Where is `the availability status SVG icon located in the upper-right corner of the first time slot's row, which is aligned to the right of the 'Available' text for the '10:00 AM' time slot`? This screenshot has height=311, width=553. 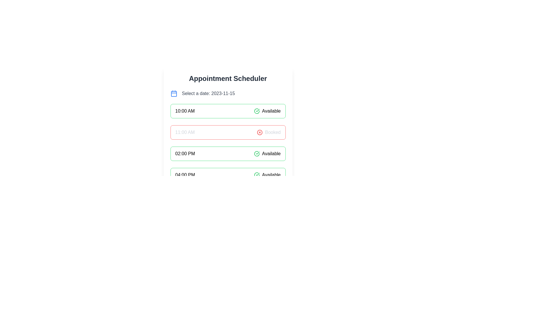 the availability status SVG icon located in the upper-right corner of the first time slot's row, which is aligned to the right of the 'Available' text for the '10:00 AM' time slot is located at coordinates (256, 175).